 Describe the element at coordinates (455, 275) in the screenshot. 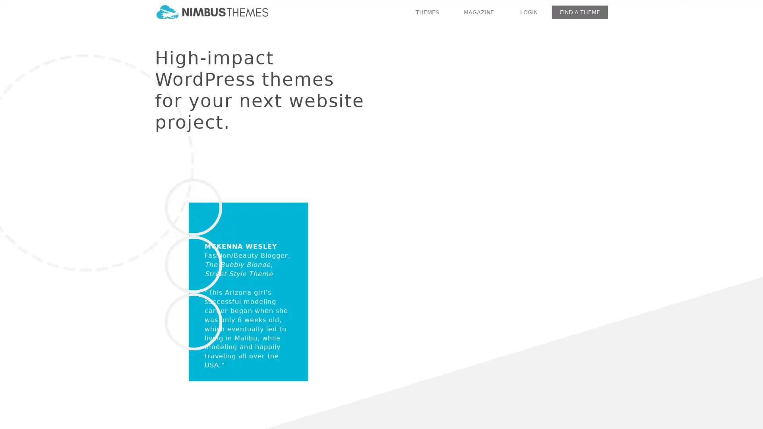

I see `1` at that location.